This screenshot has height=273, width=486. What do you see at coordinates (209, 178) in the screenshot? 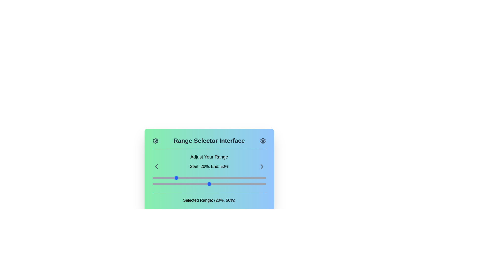
I see `the blue-colored draggable knob of the first horizontal slider located below the text 'Start: 20%, End: 50%' to change the slider value` at bounding box center [209, 178].